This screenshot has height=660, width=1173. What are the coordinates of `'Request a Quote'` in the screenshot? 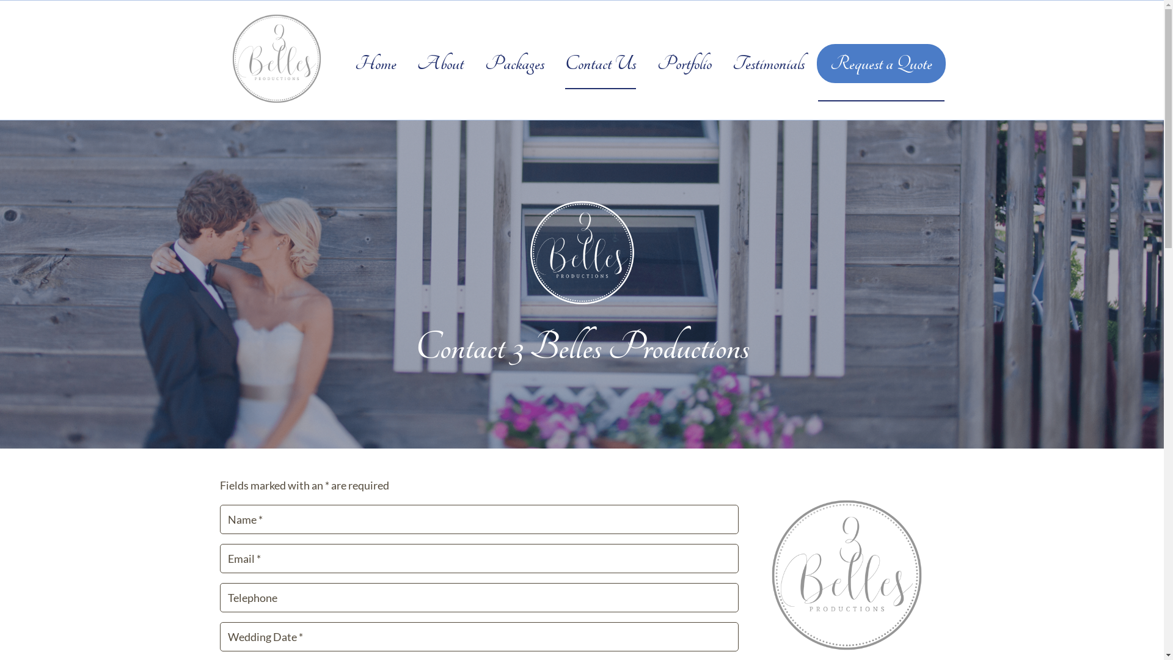 It's located at (880, 64).